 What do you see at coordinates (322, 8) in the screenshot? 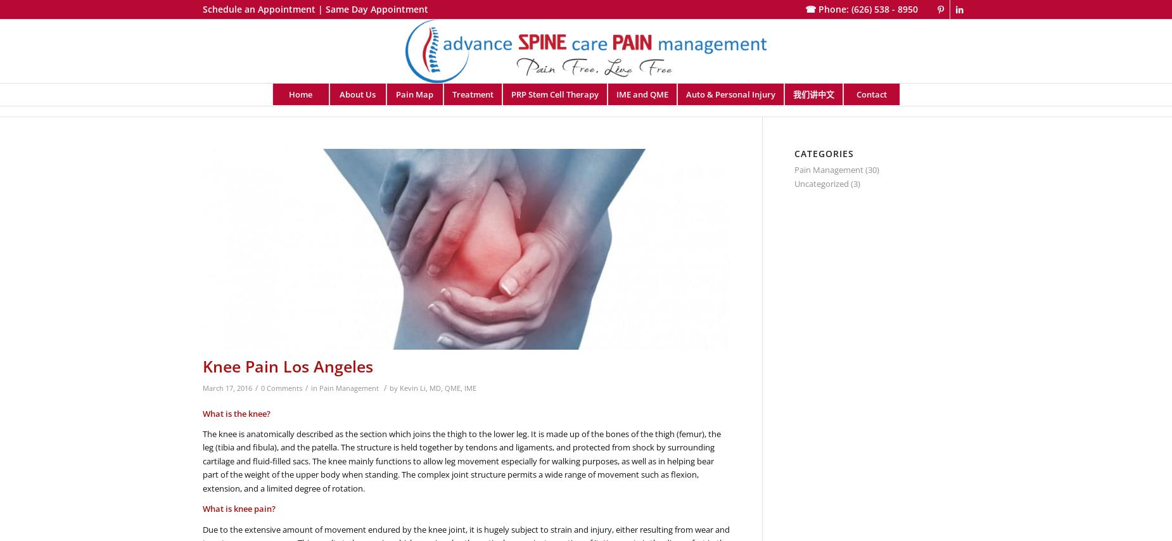
I see `'|'` at bounding box center [322, 8].